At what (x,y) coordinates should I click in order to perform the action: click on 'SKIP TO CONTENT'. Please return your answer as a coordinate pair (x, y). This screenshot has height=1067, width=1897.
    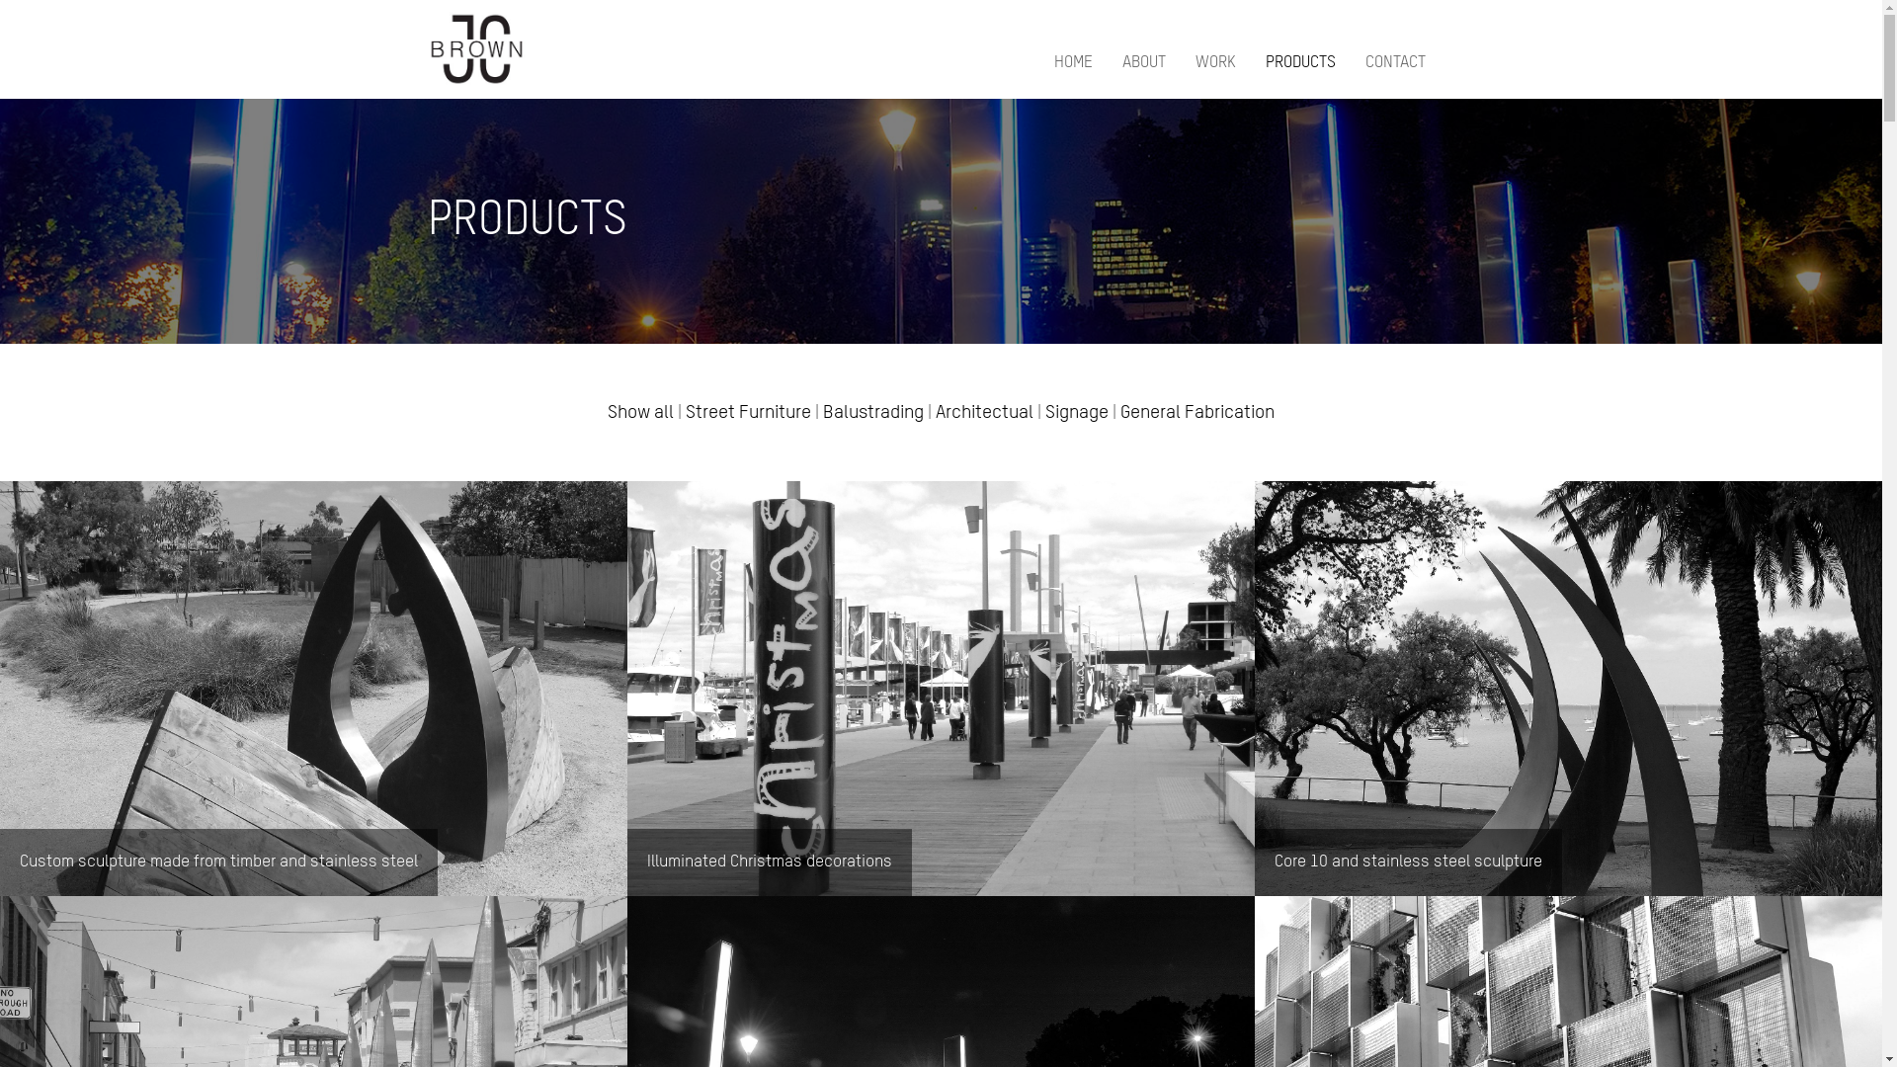
    Looking at the image, I should click on (1024, 54).